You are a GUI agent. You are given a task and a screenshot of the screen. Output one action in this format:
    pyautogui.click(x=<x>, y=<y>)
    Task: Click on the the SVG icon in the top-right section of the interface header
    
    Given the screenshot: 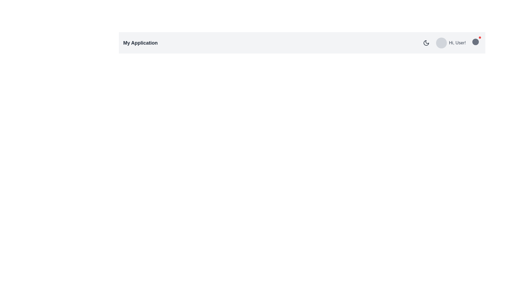 What is the action you would take?
    pyautogui.click(x=426, y=42)
    